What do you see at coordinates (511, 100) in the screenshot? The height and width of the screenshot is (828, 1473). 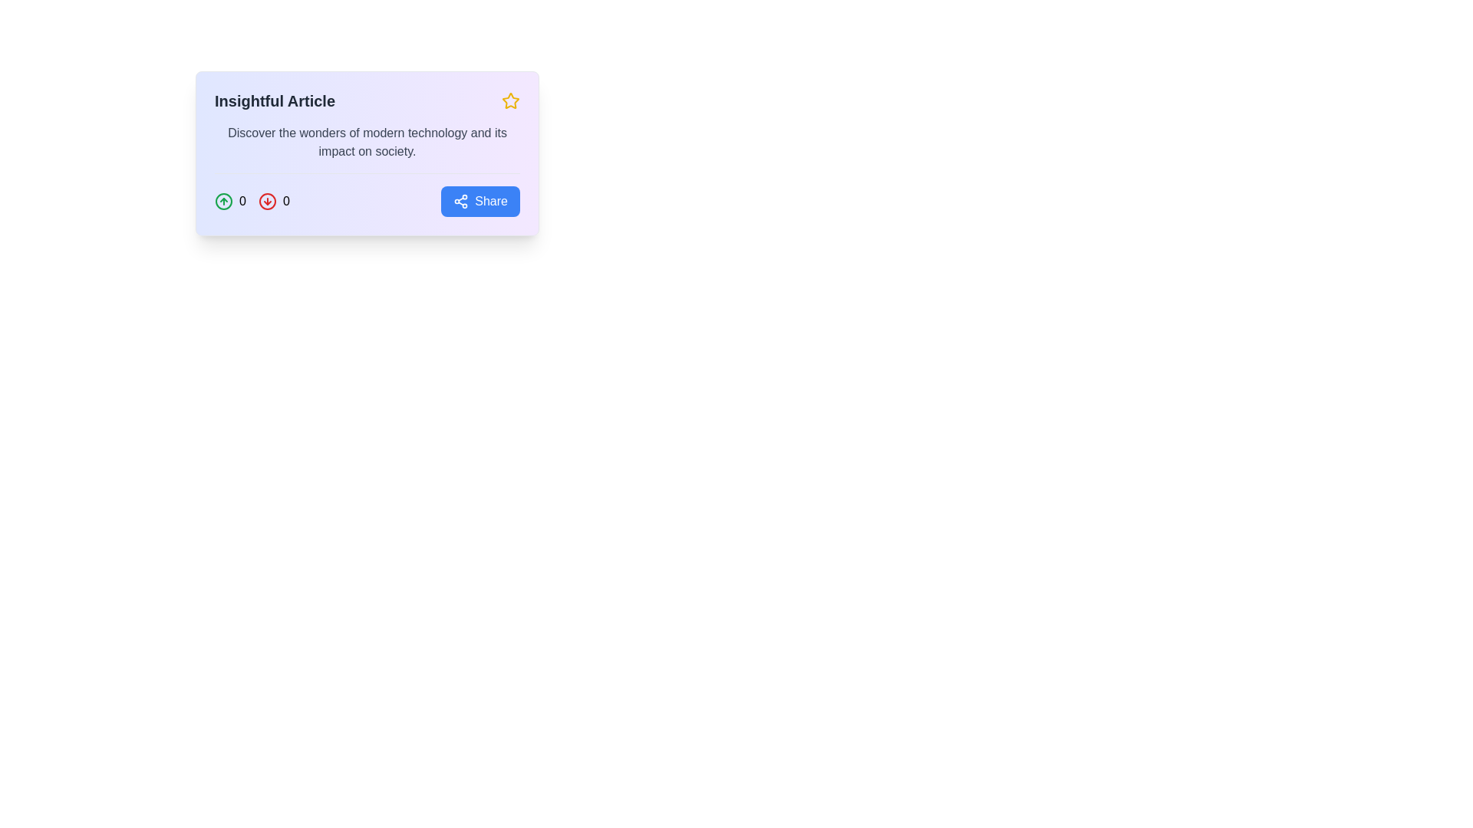 I see `the yellow star icon with a hollow center in the upper-right corner of the 'Insightful Article' card` at bounding box center [511, 100].